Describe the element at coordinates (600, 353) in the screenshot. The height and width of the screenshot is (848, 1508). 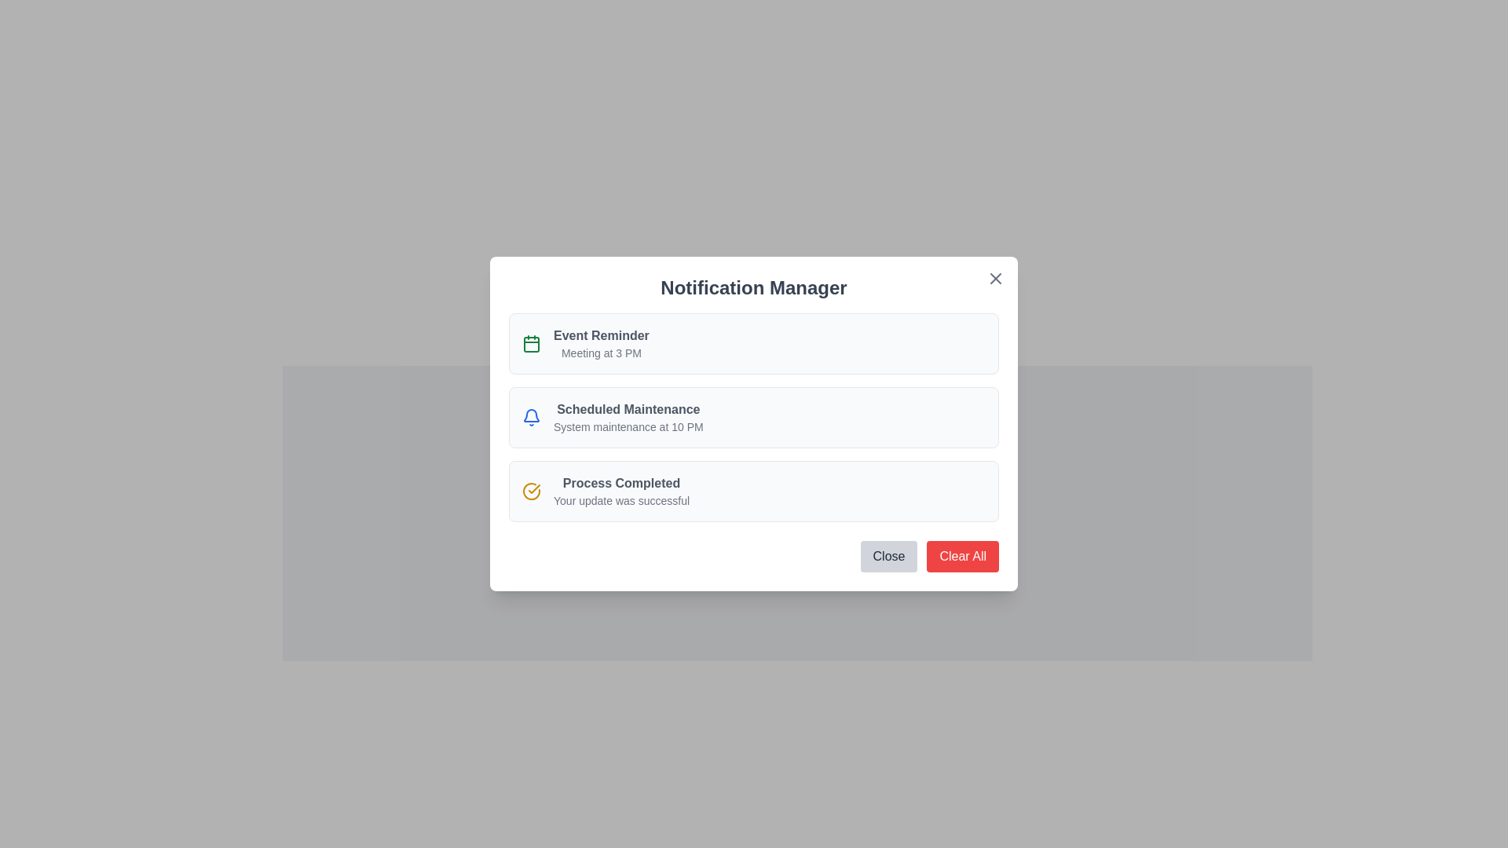
I see `the Text label that provides additional information about the 'Event Reminder' notification, located below the 'Event Reminder' text in the Notification Manager modal` at that location.